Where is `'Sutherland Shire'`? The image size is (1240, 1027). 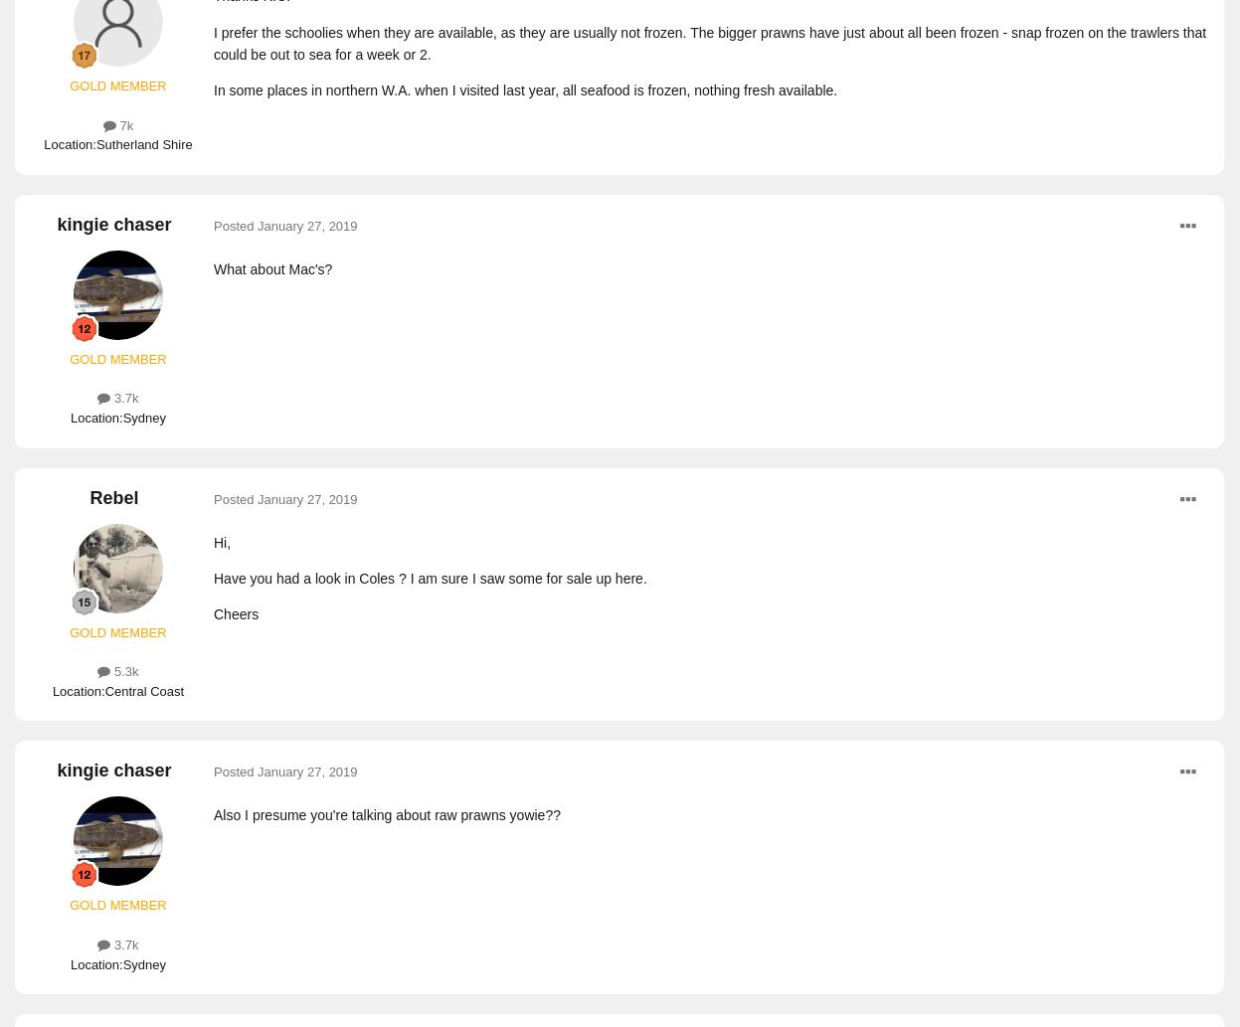
'Sutherland Shire' is located at coordinates (143, 144).